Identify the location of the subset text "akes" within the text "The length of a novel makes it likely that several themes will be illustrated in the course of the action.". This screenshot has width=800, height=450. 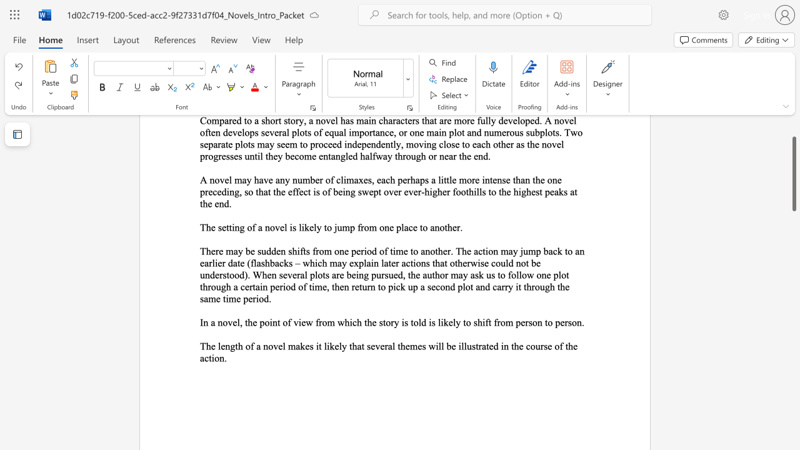
(295, 346).